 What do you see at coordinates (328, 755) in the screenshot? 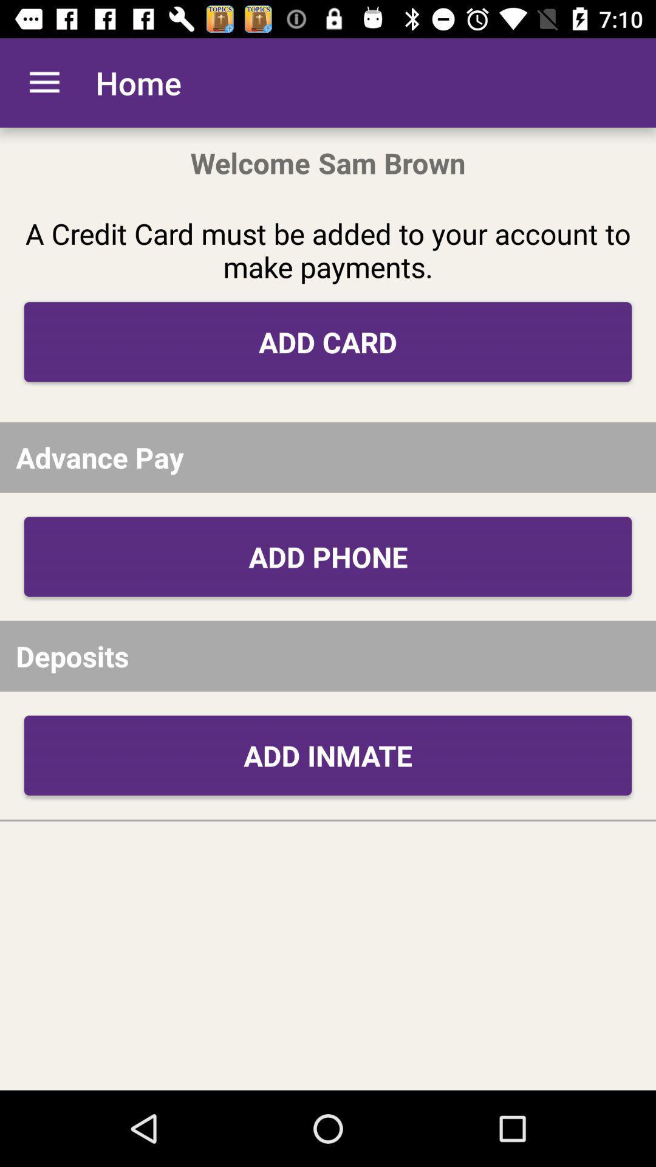
I see `add inmate` at bounding box center [328, 755].